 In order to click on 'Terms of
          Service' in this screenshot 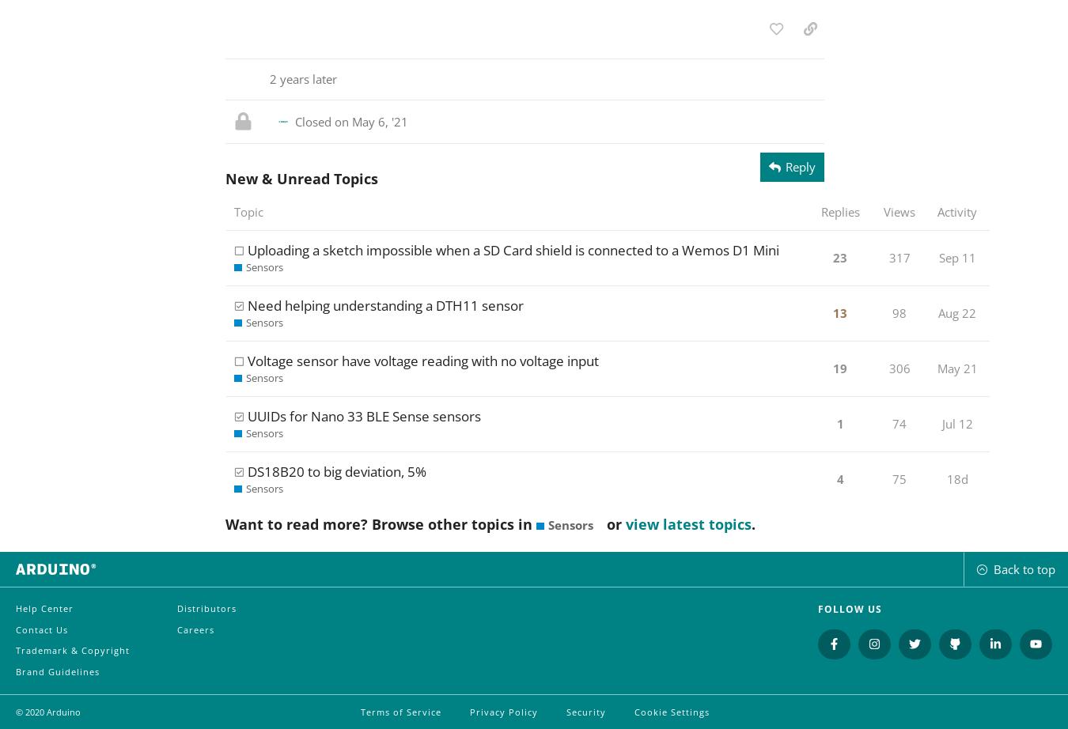, I will do `click(400, 710)`.